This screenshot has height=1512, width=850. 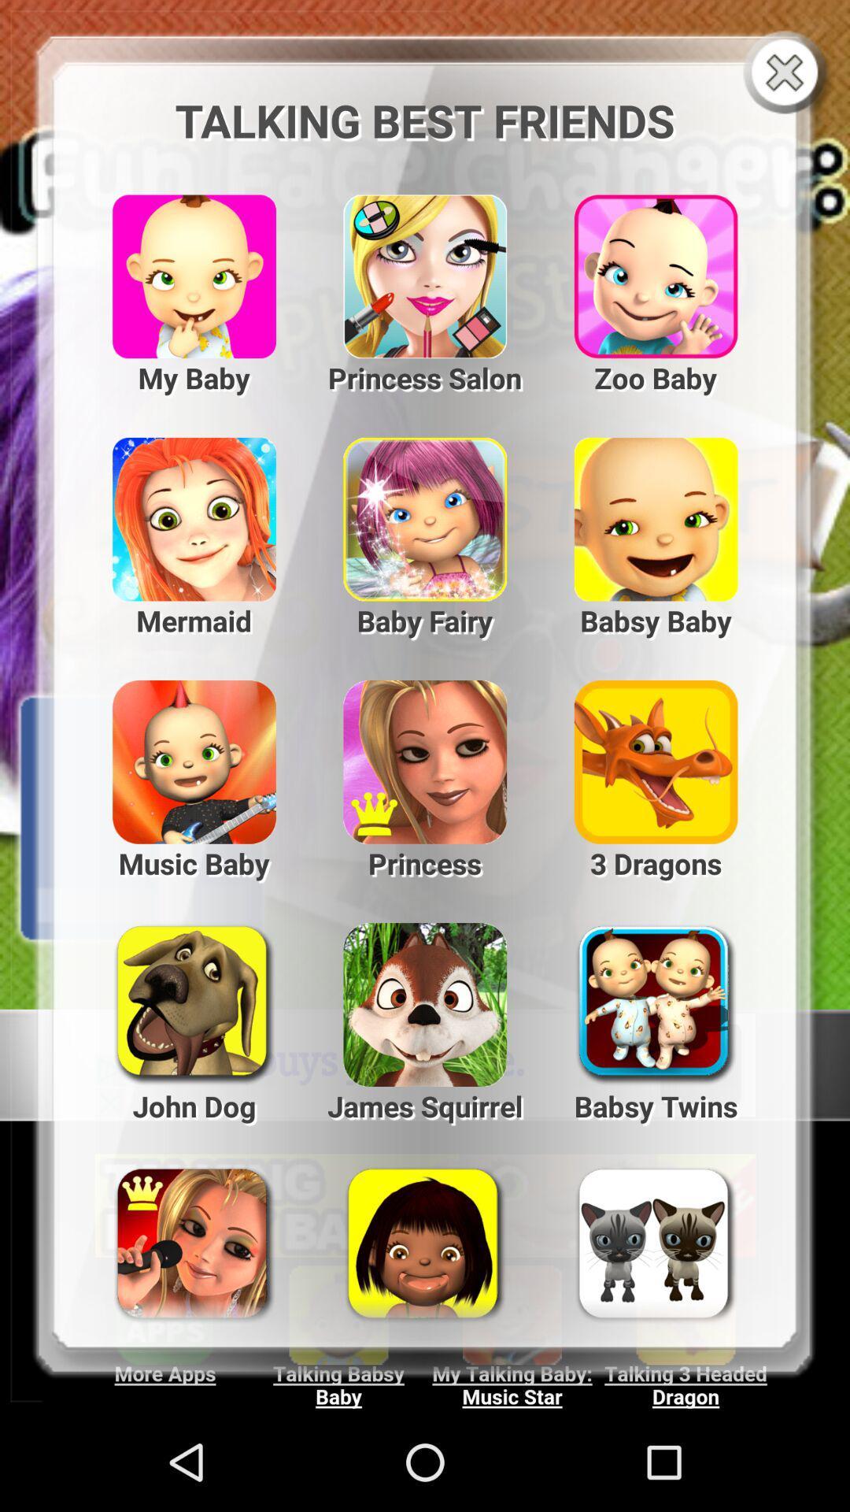 I want to click on app, so click(x=788, y=73).